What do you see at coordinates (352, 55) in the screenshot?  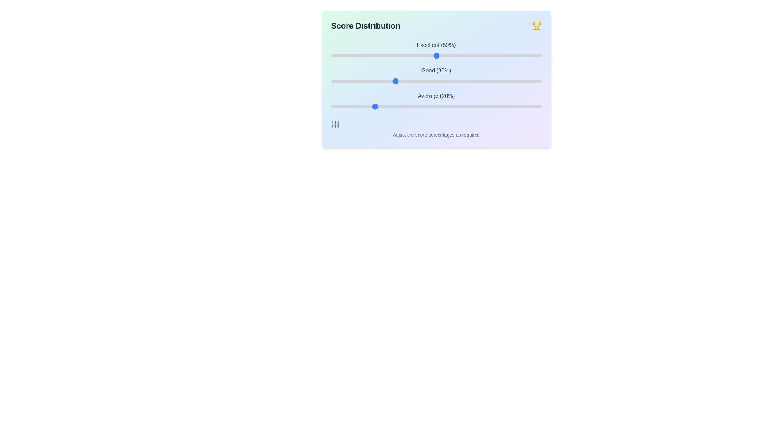 I see `the 'Excellent' slider to 10%` at bounding box center [352, 55].